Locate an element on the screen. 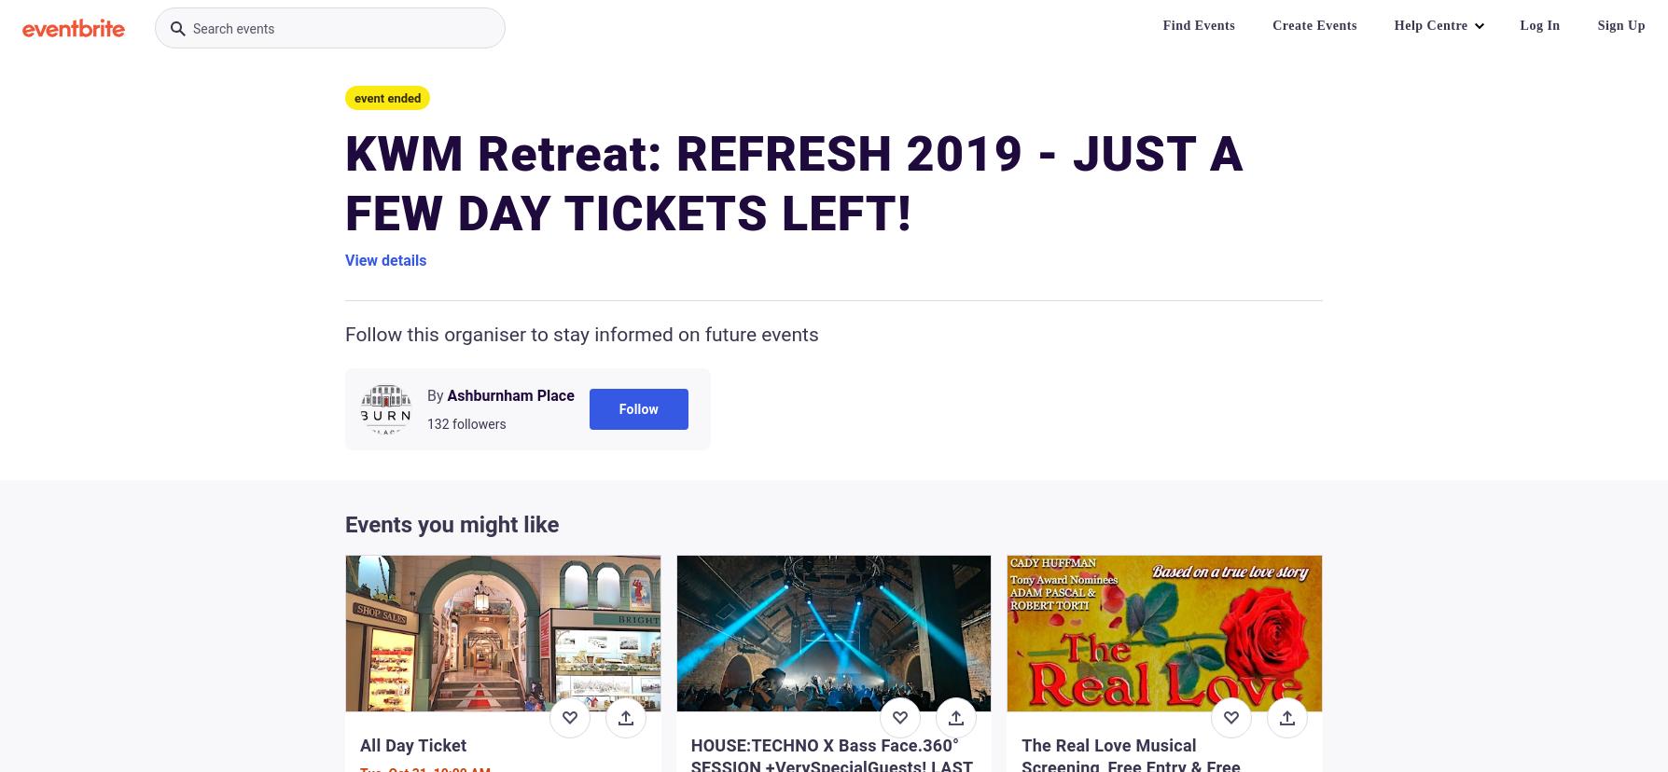  'Events you might like' is located at coordinates (343, 525).